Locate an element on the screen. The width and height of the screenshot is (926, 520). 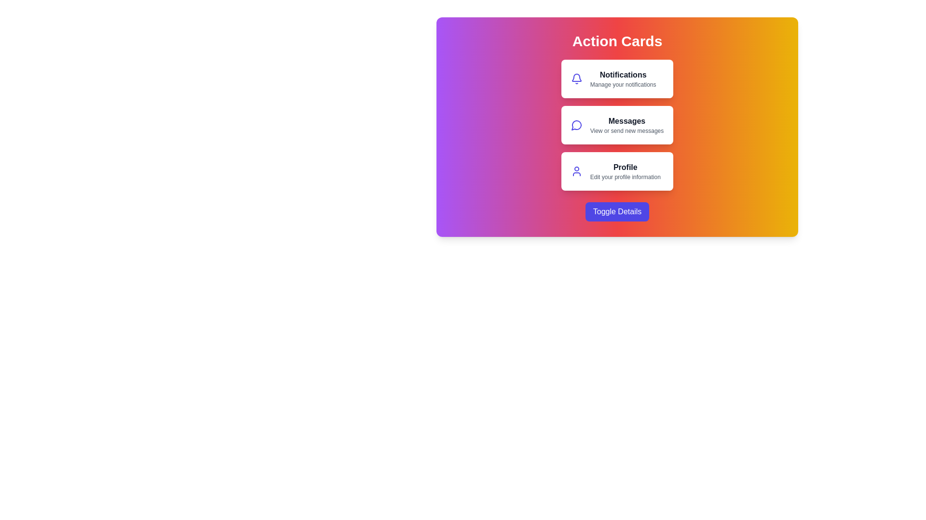
the Label that indicates the purpose of its containing card related to notifications, located at the upper center area of the application interface is located at coordinates (623, 74).